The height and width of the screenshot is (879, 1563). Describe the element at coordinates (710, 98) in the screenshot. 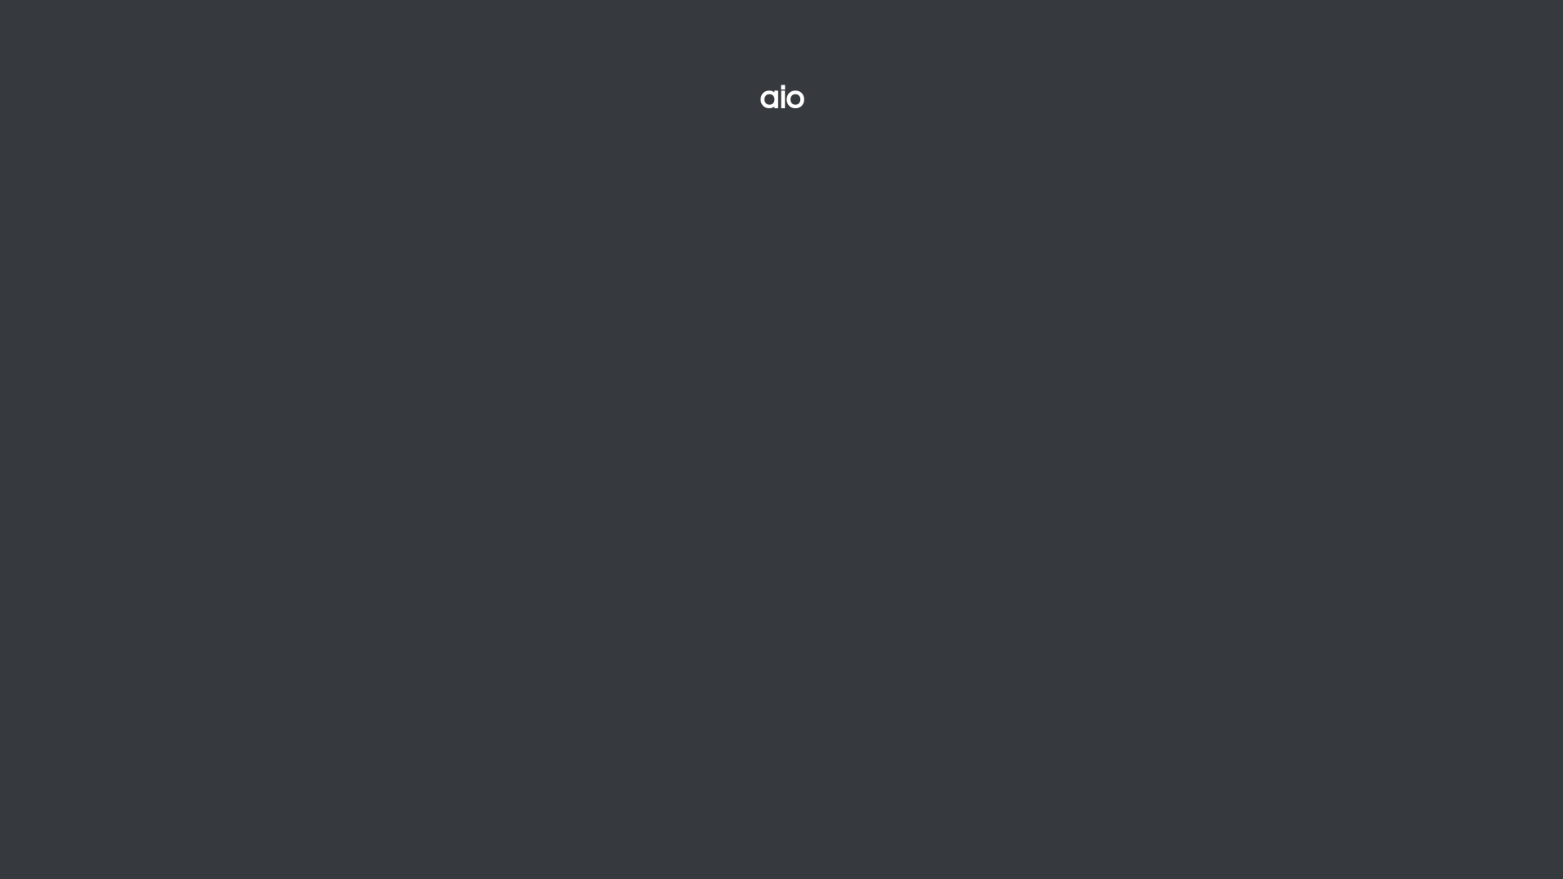

I see `'aio'` at that location.